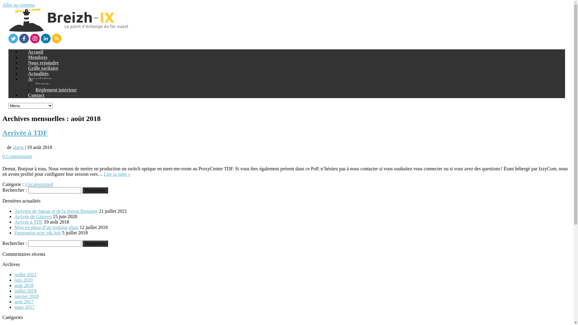 The height and width of the screenshot is (325, 578). I want to click on 'Aller au contenu', so click(2, 5).